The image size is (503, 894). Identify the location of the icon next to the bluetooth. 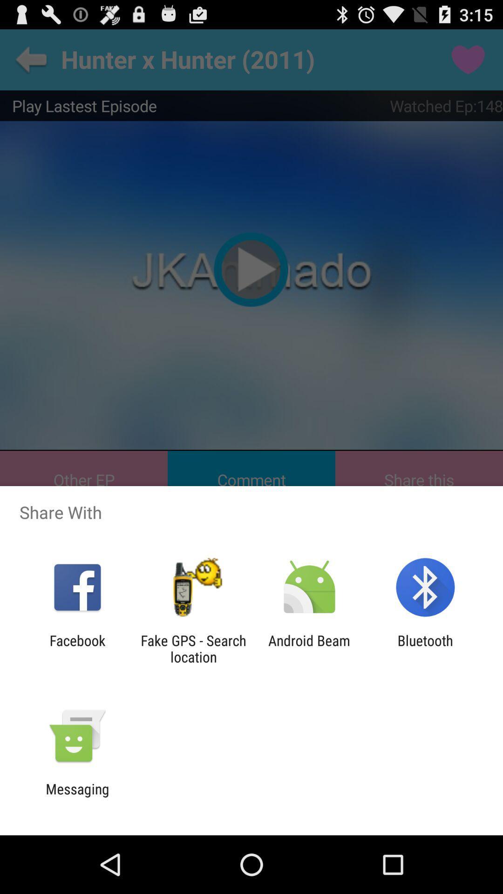
(309, 648).